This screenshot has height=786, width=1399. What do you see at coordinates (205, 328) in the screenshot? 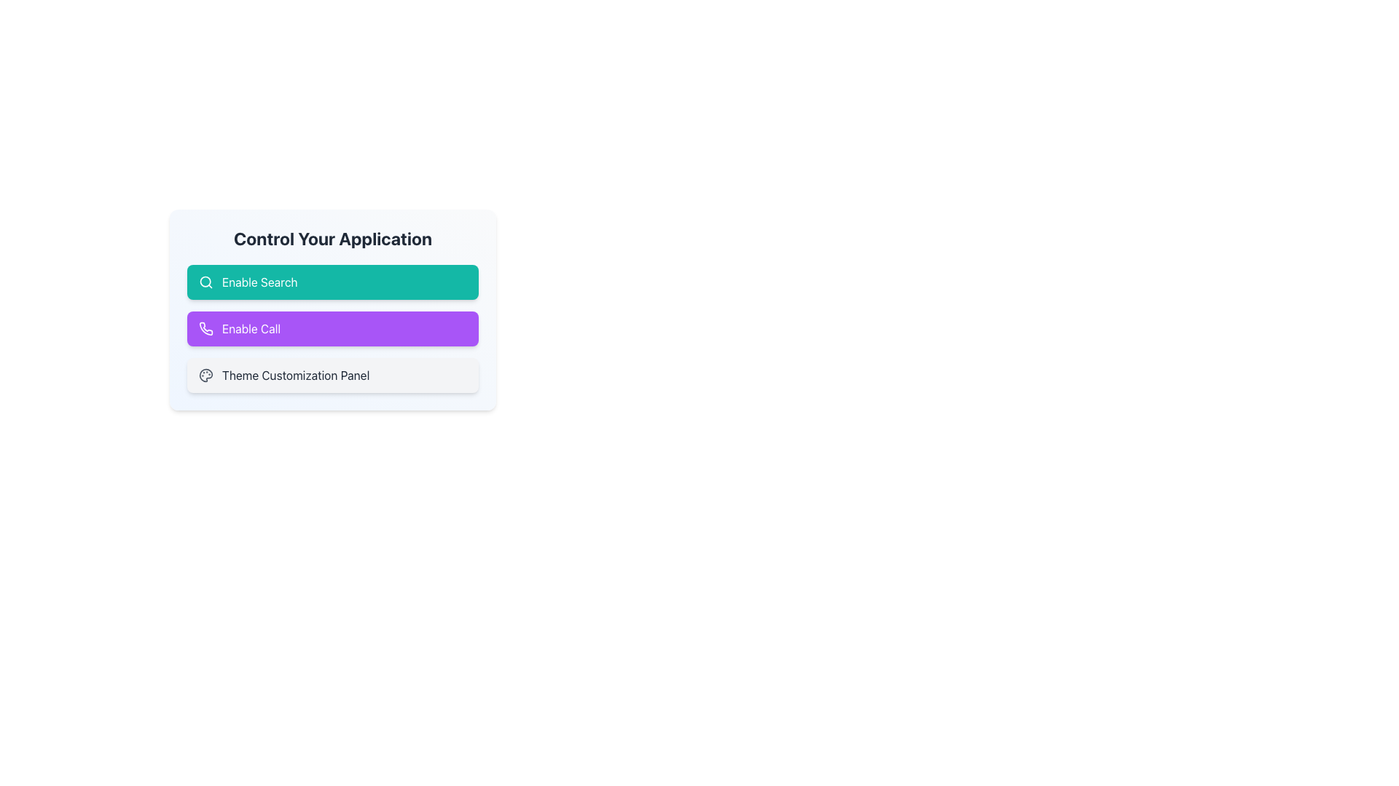
I see `the telephone receiver icon located on the left side of the 'Enable Call' button, which is colored white and situated against a purple background` at bounding box center [205, 328].